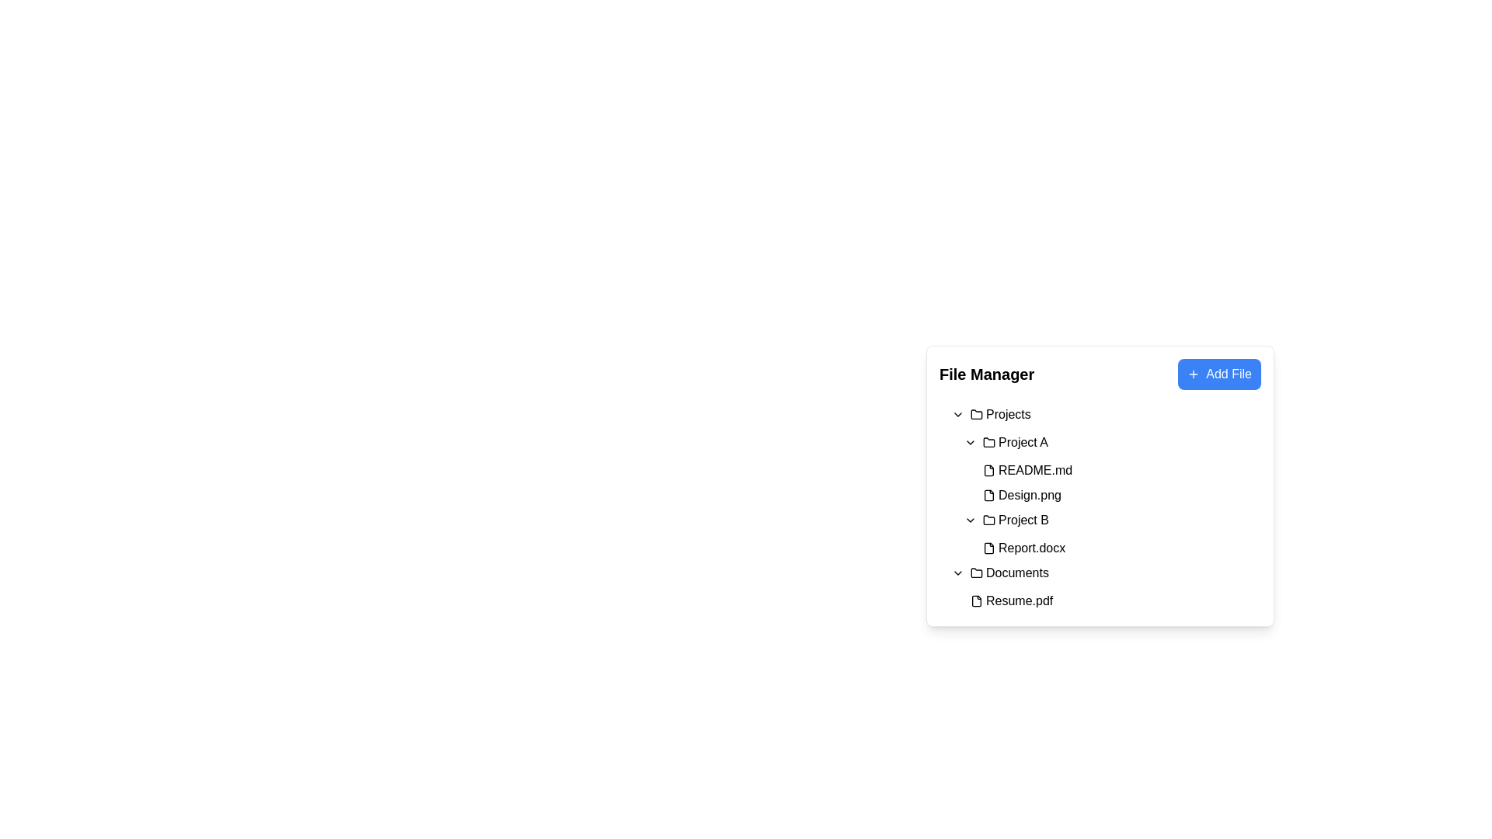 Image resolution: width=1492 pixels, height=839 pixels. Describe the element at coordinates (1228, 374) in the screenshot. I see `the 'Add File' text label which is styled with white text on a blue background, located within a button next to a '+' icon` at that location.